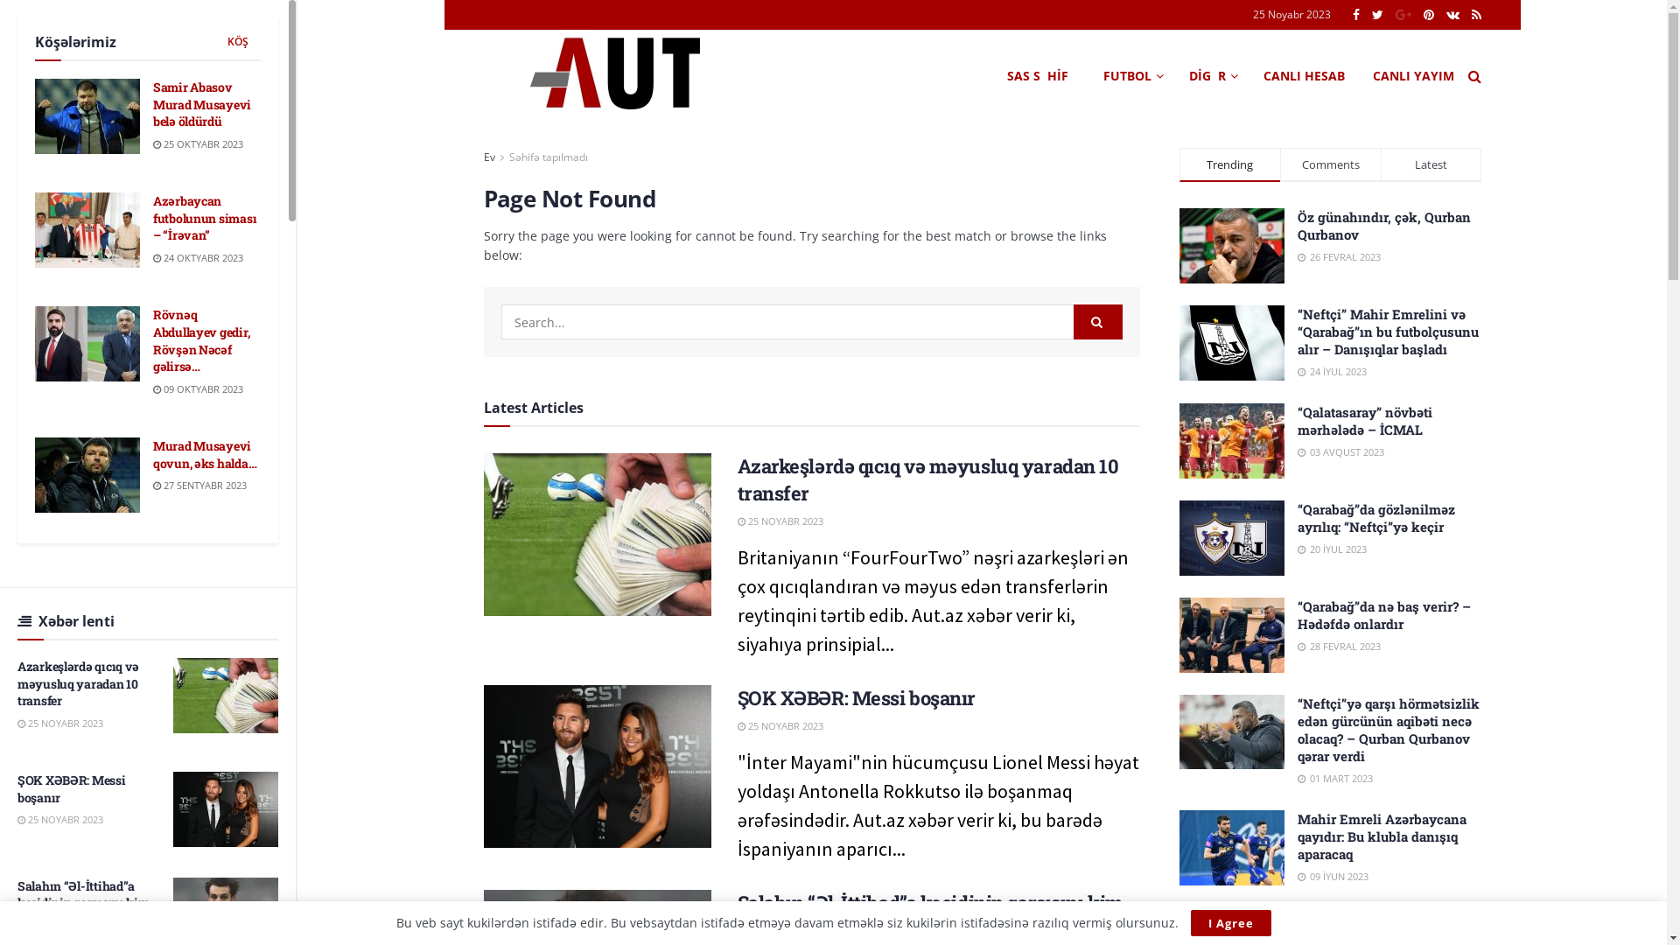  What do you see at coordinates (198, 143) in the screenshot?
I see `'25 OKTYABR 2023'` at bounding box center [198, 143].